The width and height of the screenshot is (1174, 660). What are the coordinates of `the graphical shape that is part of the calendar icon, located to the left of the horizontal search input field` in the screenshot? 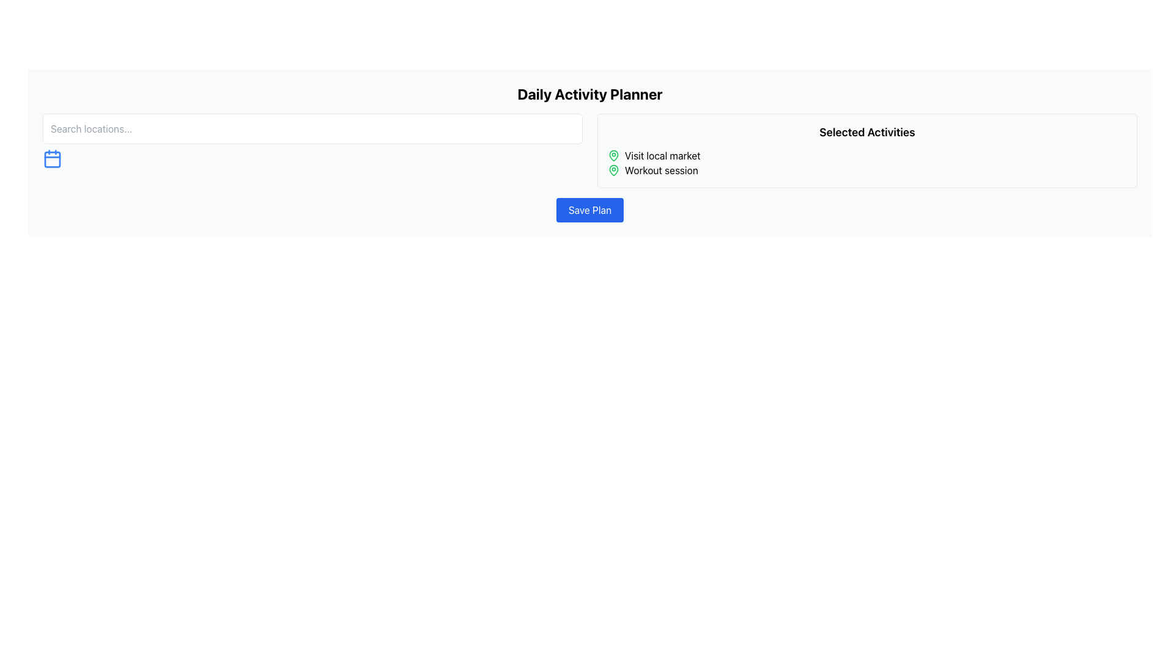 It's located at (52, 159).